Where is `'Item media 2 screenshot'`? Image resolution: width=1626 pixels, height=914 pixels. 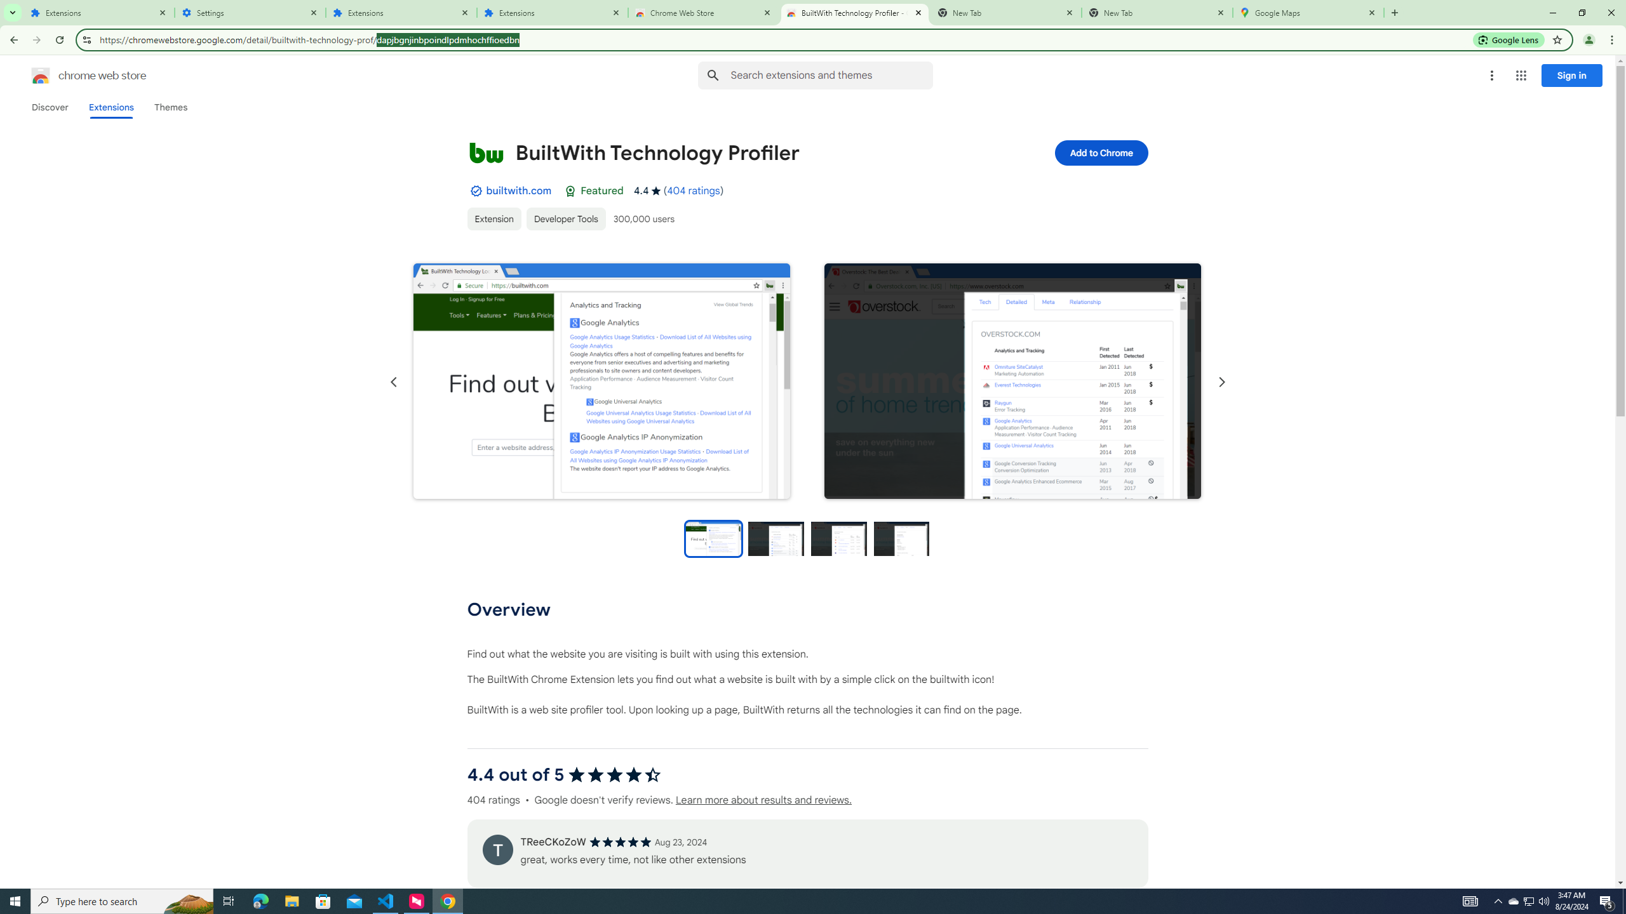 'Item media 2 screenshot' is located at coordinates (1012, 381).